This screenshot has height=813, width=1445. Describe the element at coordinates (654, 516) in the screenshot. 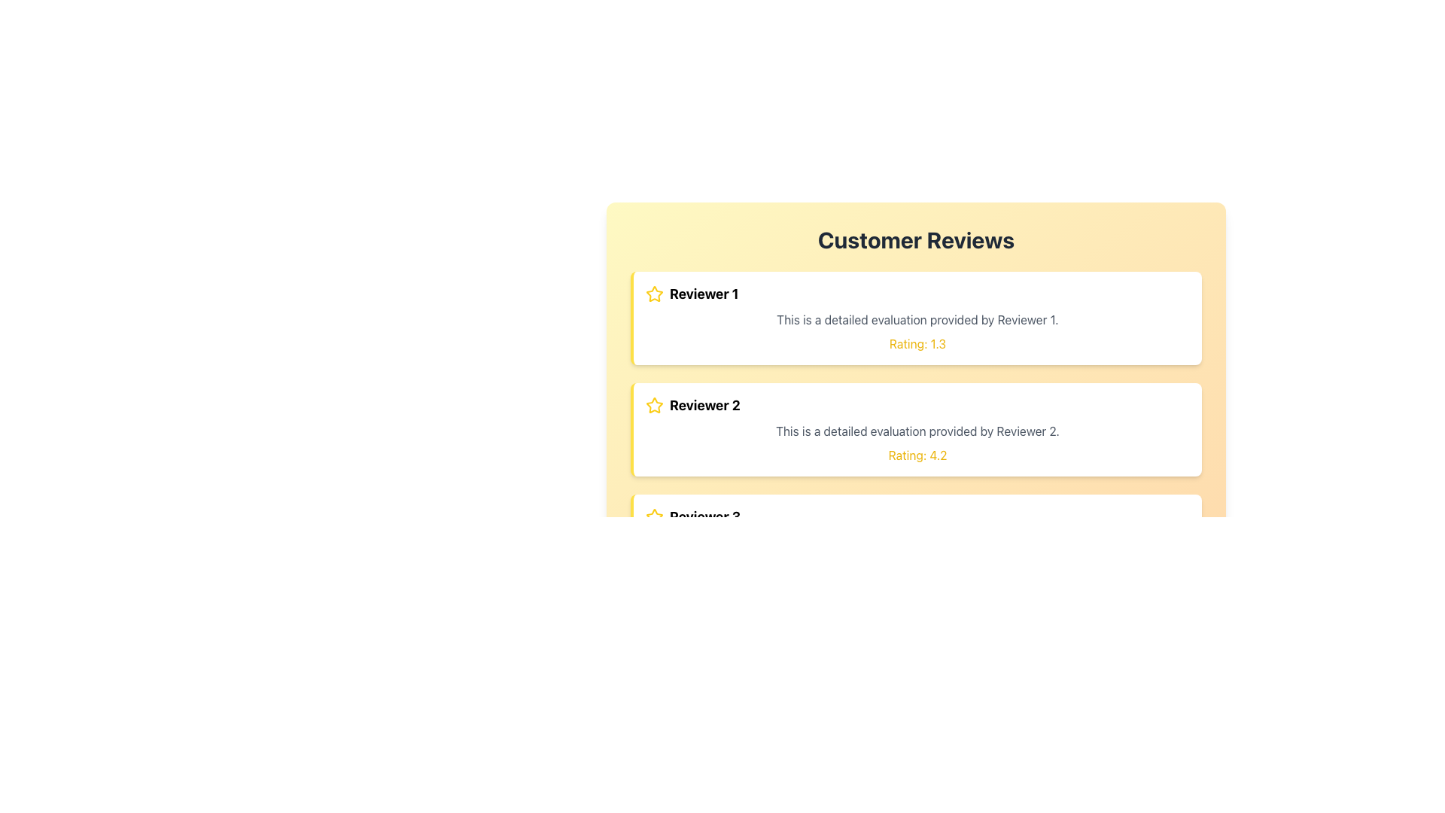

I see `the star icon representing the rating given by 'Reviewer 3', which is the leftmost item in the review block for this reviewer` at that location.